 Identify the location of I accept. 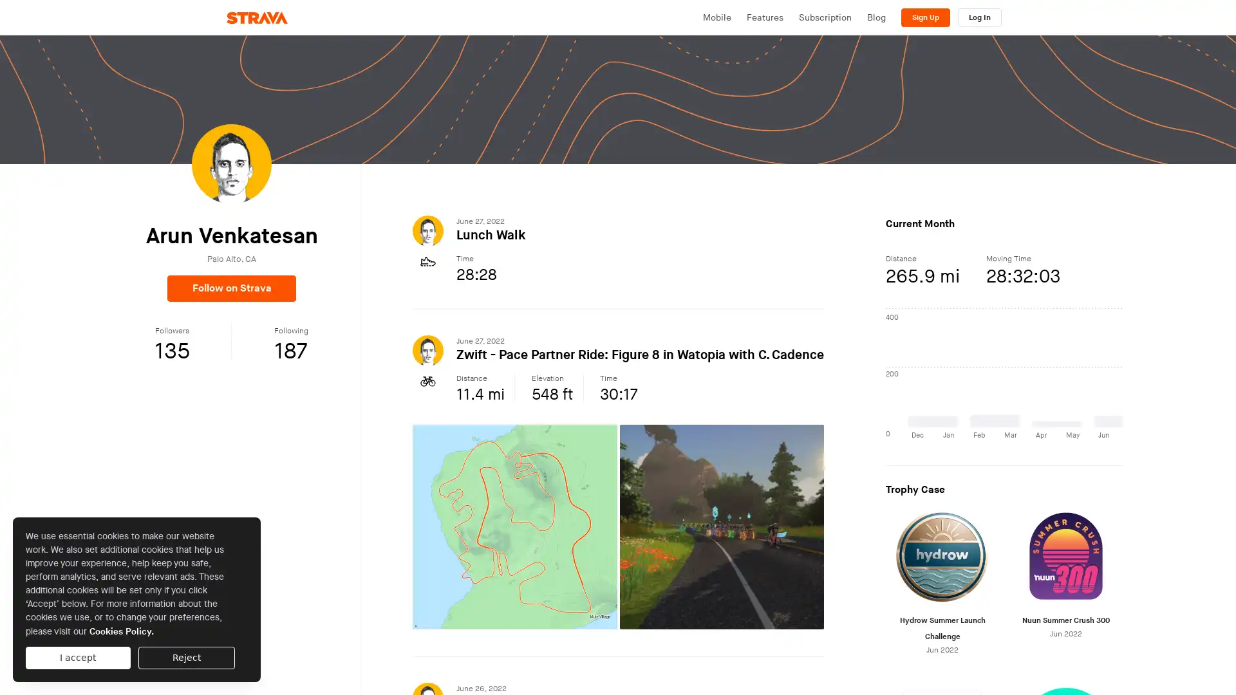
(77, 658).